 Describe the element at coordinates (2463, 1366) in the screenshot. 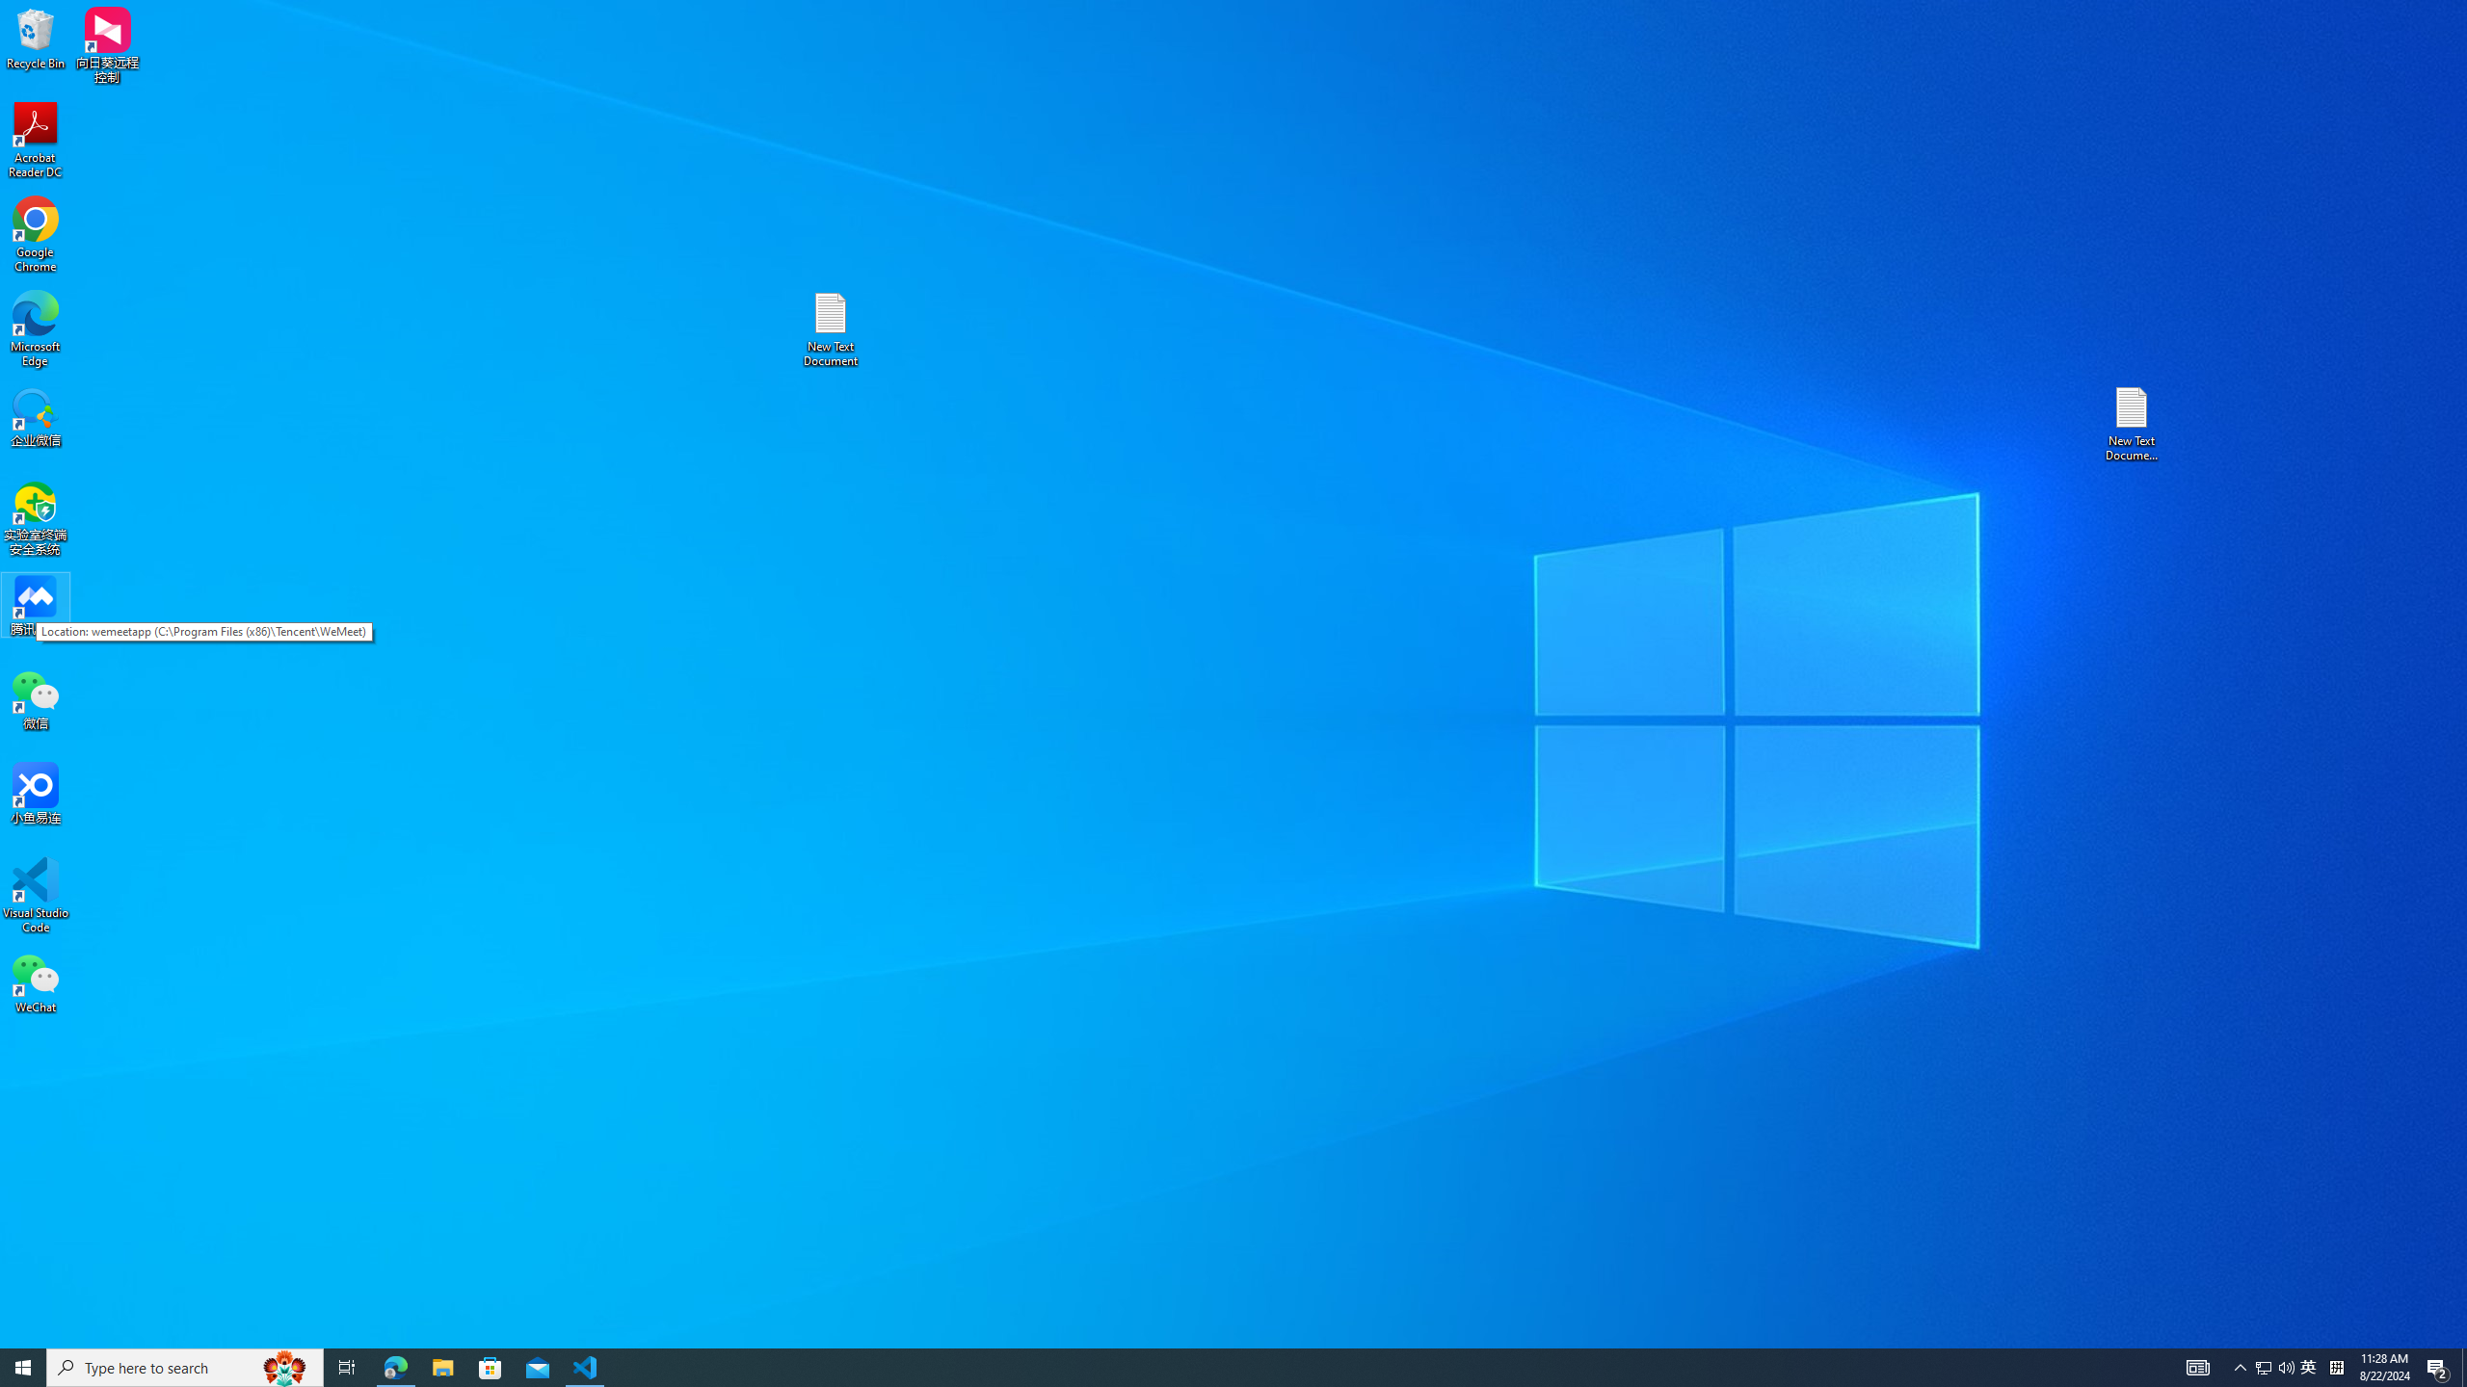

I see `'Show desktop'` at that location.